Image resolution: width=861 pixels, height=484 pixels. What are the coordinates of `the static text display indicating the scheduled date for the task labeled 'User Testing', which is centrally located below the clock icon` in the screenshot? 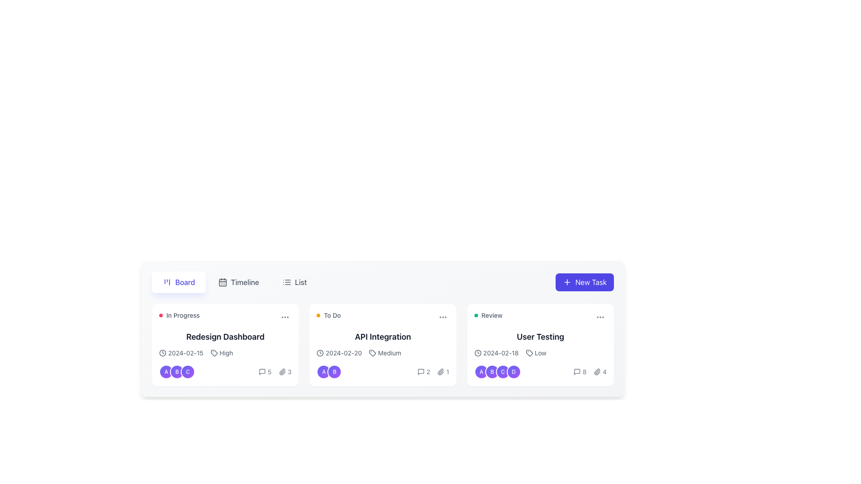 It's located at (500, 352).